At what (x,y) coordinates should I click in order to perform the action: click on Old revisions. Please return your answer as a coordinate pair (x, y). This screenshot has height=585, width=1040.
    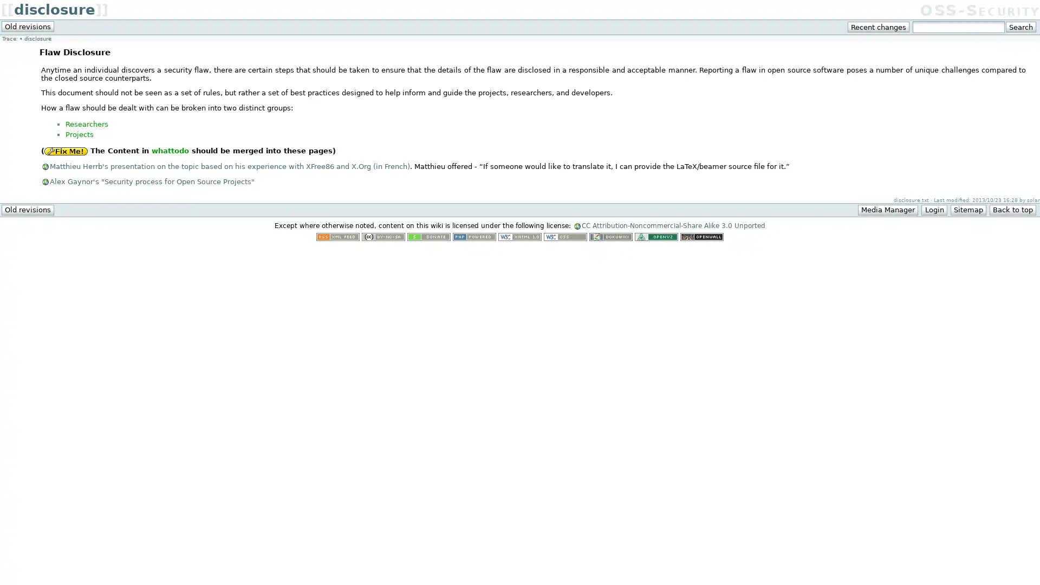
    Looking at the image, I should click on (28, 210).